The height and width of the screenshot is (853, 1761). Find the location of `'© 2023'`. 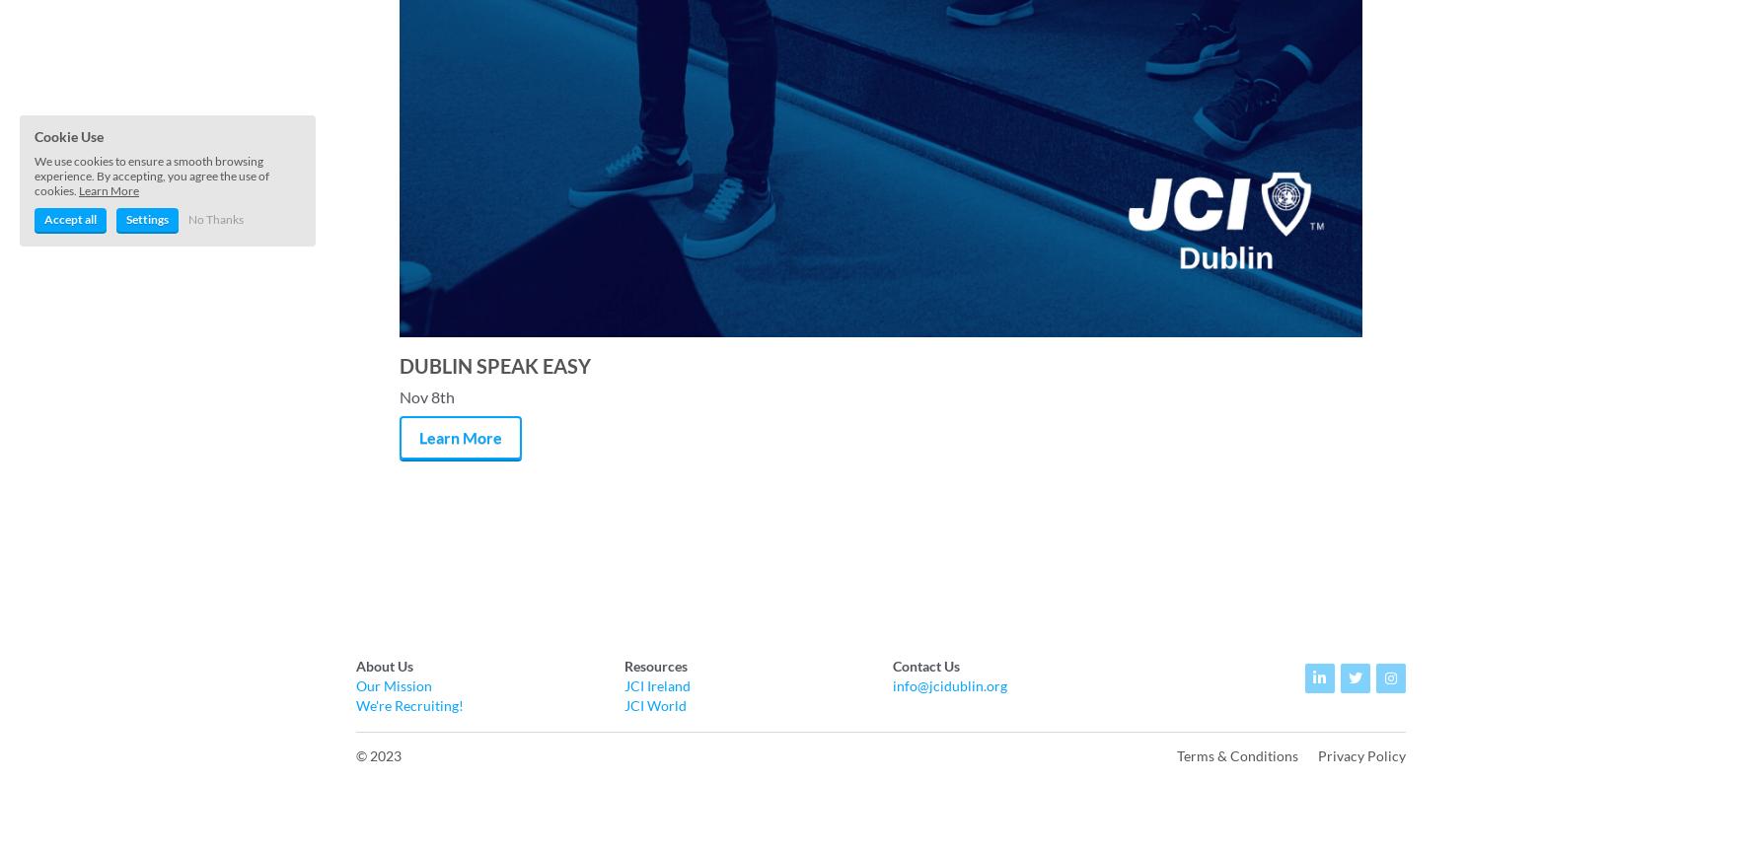

'© 2023' is located at coordinates (377, 753).